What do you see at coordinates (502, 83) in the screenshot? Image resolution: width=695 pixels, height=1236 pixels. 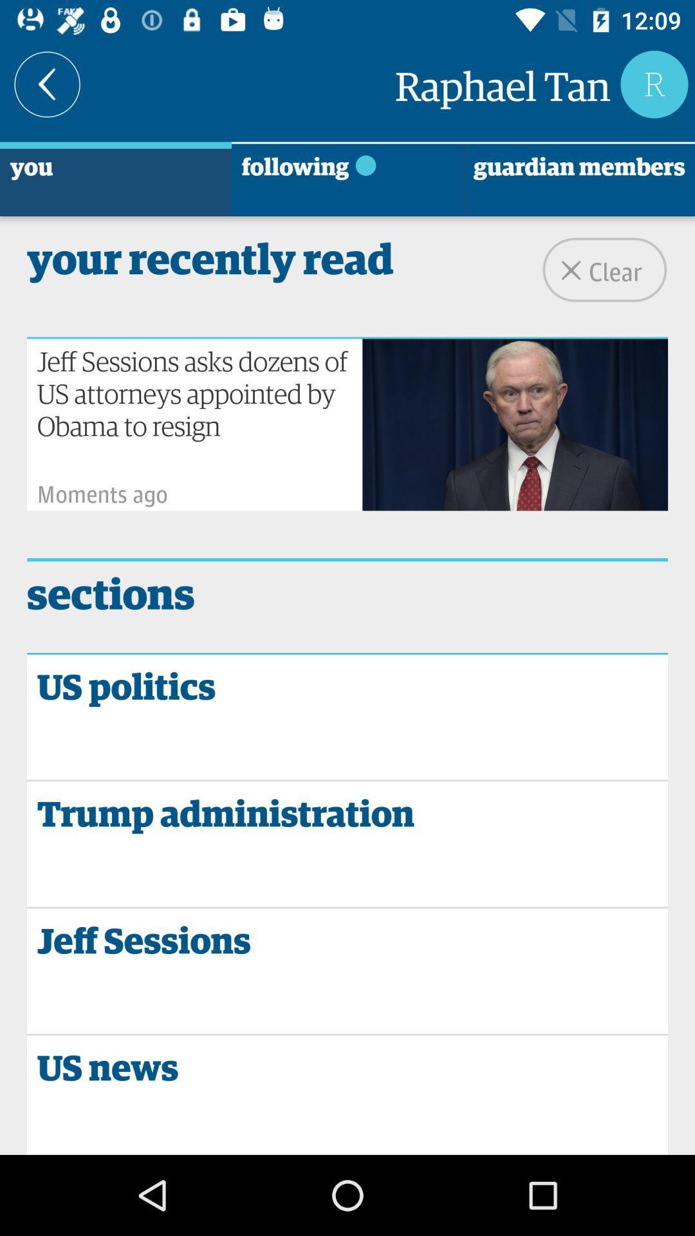 I see `the raphael tan item` at bounding box center [502, 83].